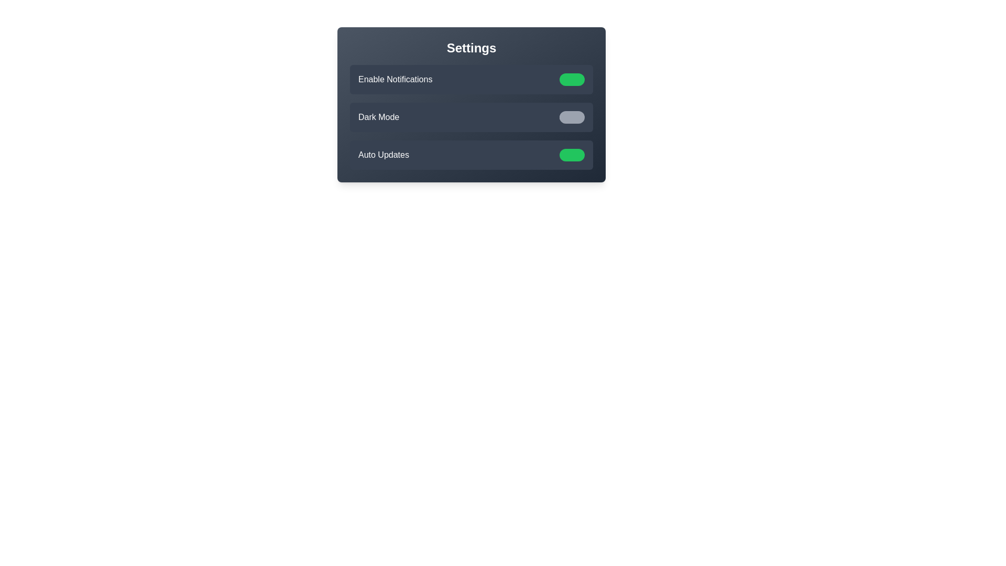 The image size is (1006, 566). What do you see at coordinates (571, 79) in the screenshot?
I see `the state of the toggle switch for Enable Notifications` at bounding box center [571, 79].